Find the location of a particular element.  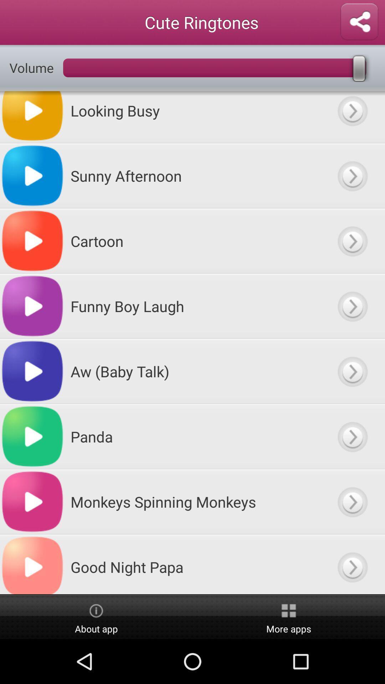

next is located at coordinates (352, 176).